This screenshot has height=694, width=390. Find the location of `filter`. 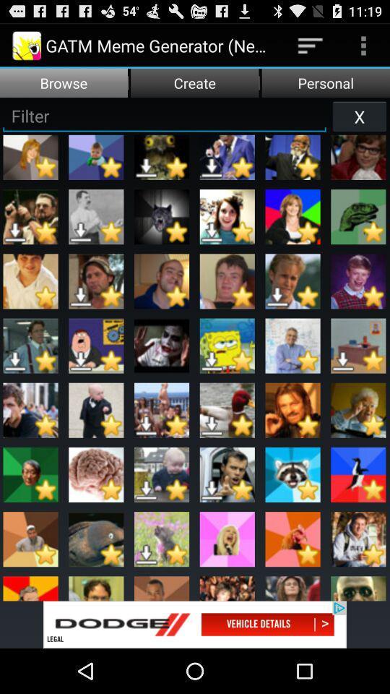

filter is located at coordinates (163, 115).